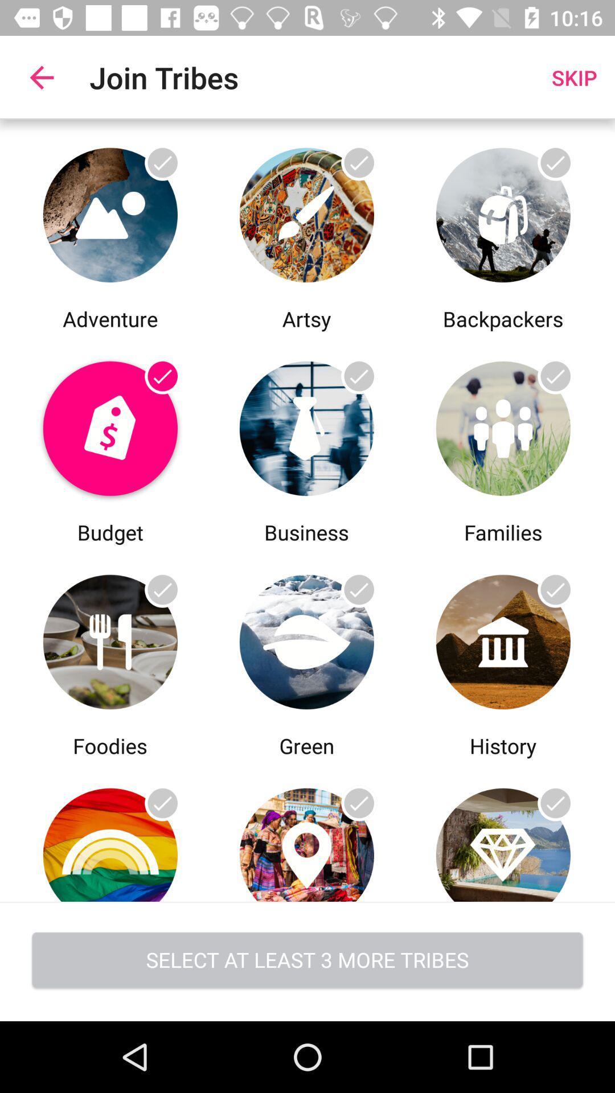 The height and width of the screenshot is (1093, 615). I want to click on click on the adventure option, so click(110, 212).